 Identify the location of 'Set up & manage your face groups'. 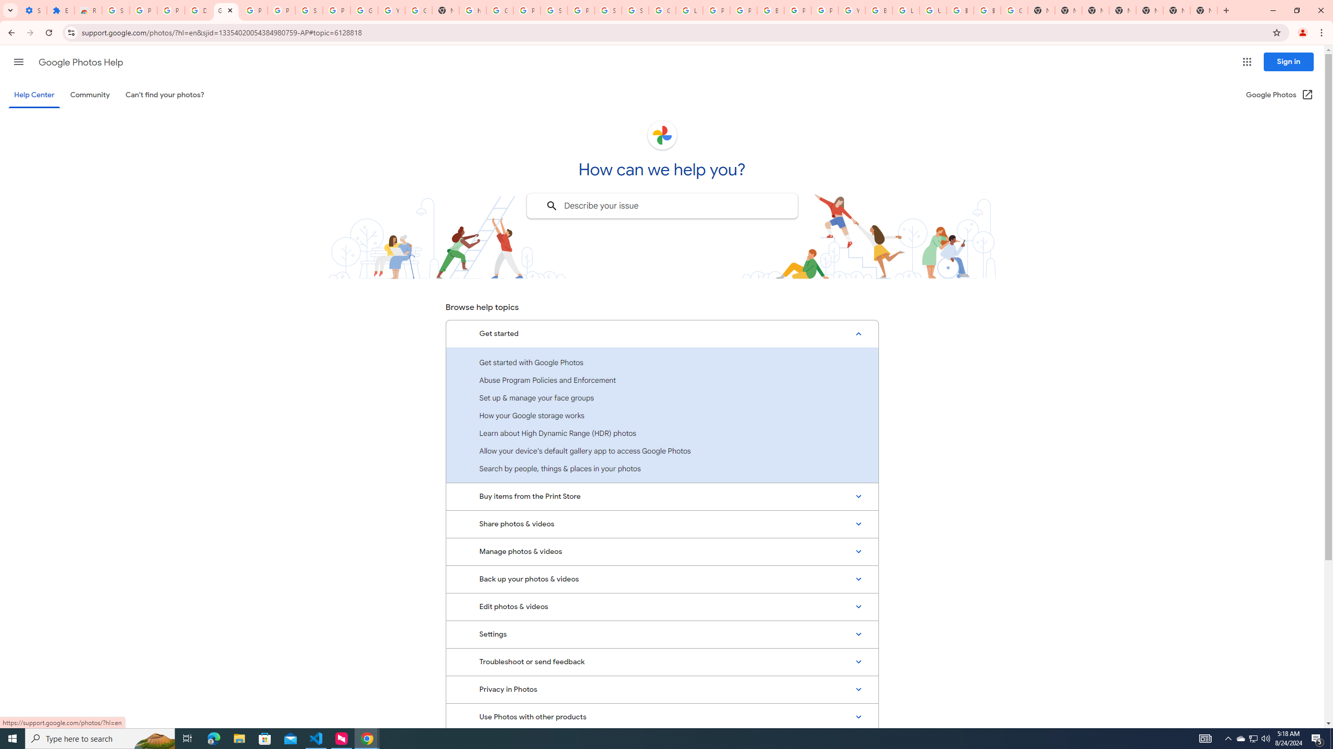
(662, 397).